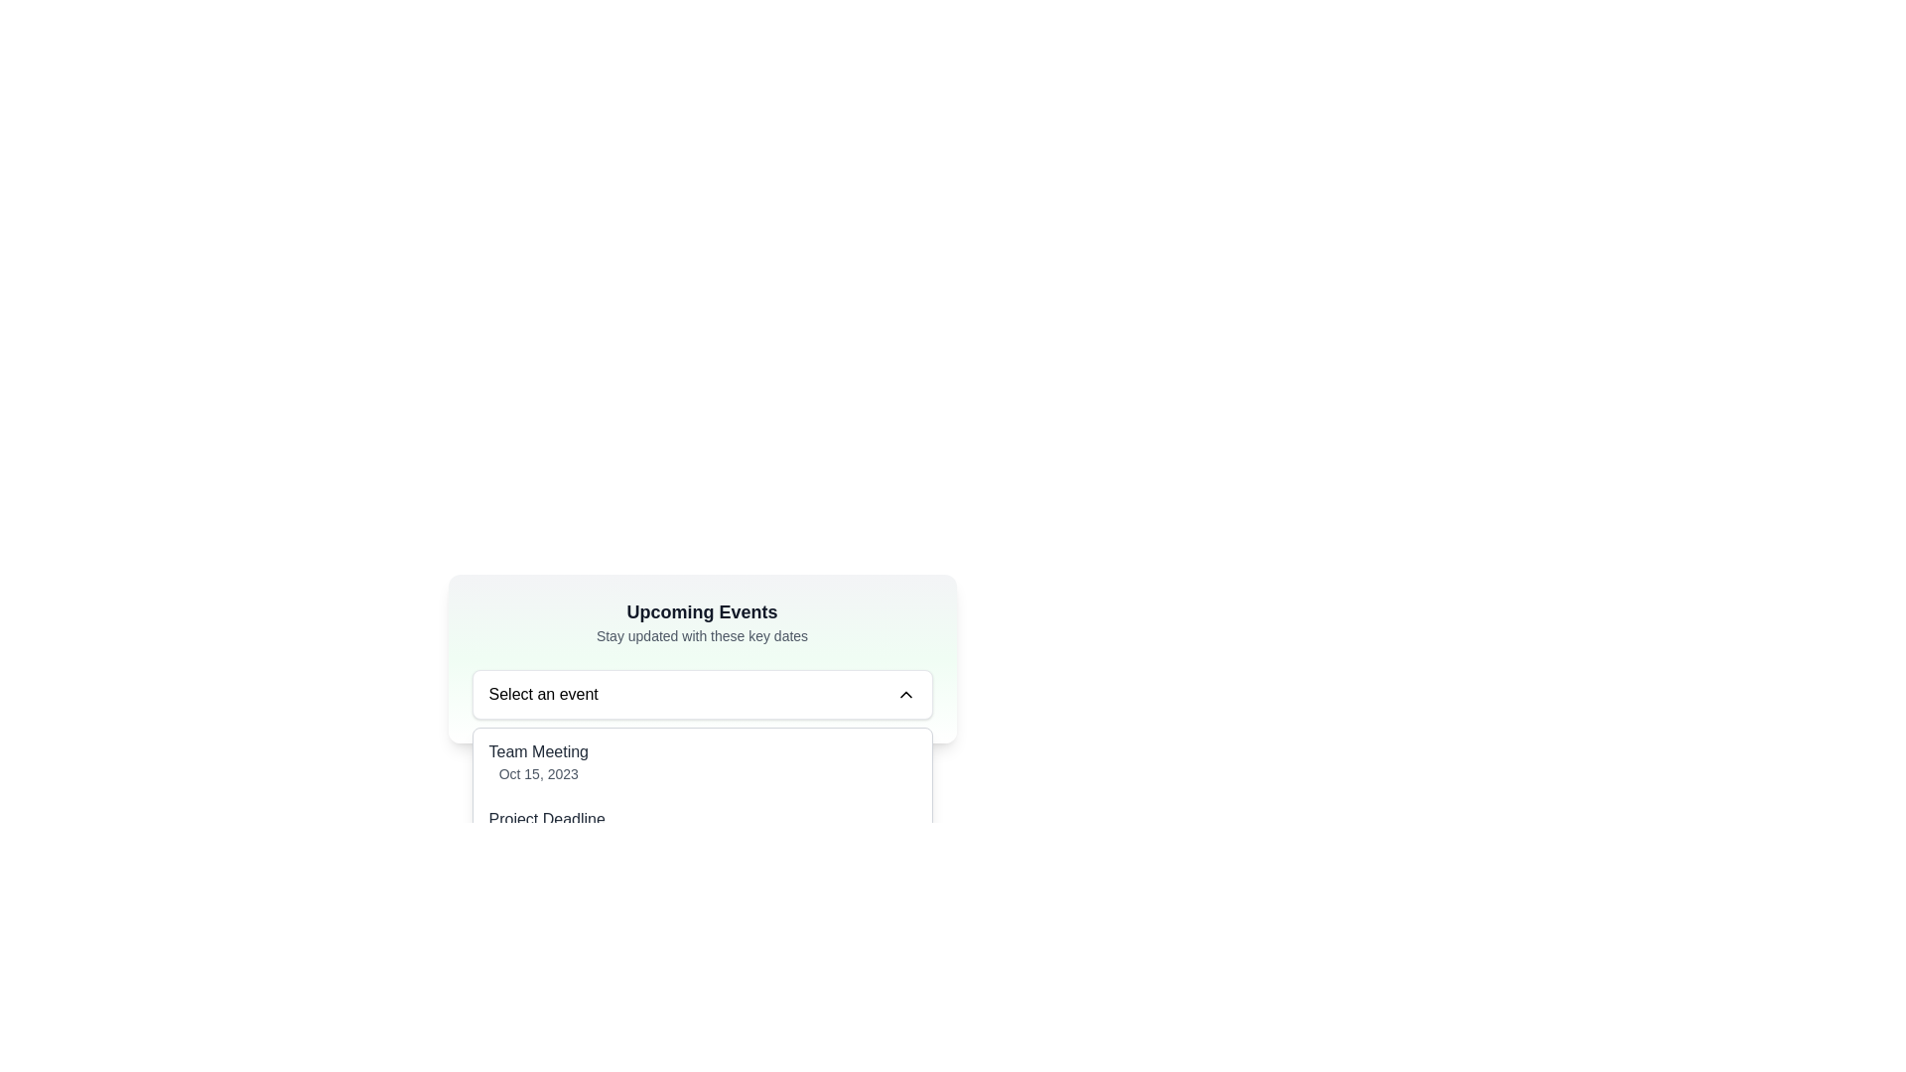 The height and width of the screenshot is (1072, 1906). Describe the element at coordinates (538, 752) in the screenshot. I see `the 'Team Meeting' text label, which is displayed in bold dark gray font above the date 'Oct 15, 2023' within the dropdown menu under 'Upcoming Events'` at that location.